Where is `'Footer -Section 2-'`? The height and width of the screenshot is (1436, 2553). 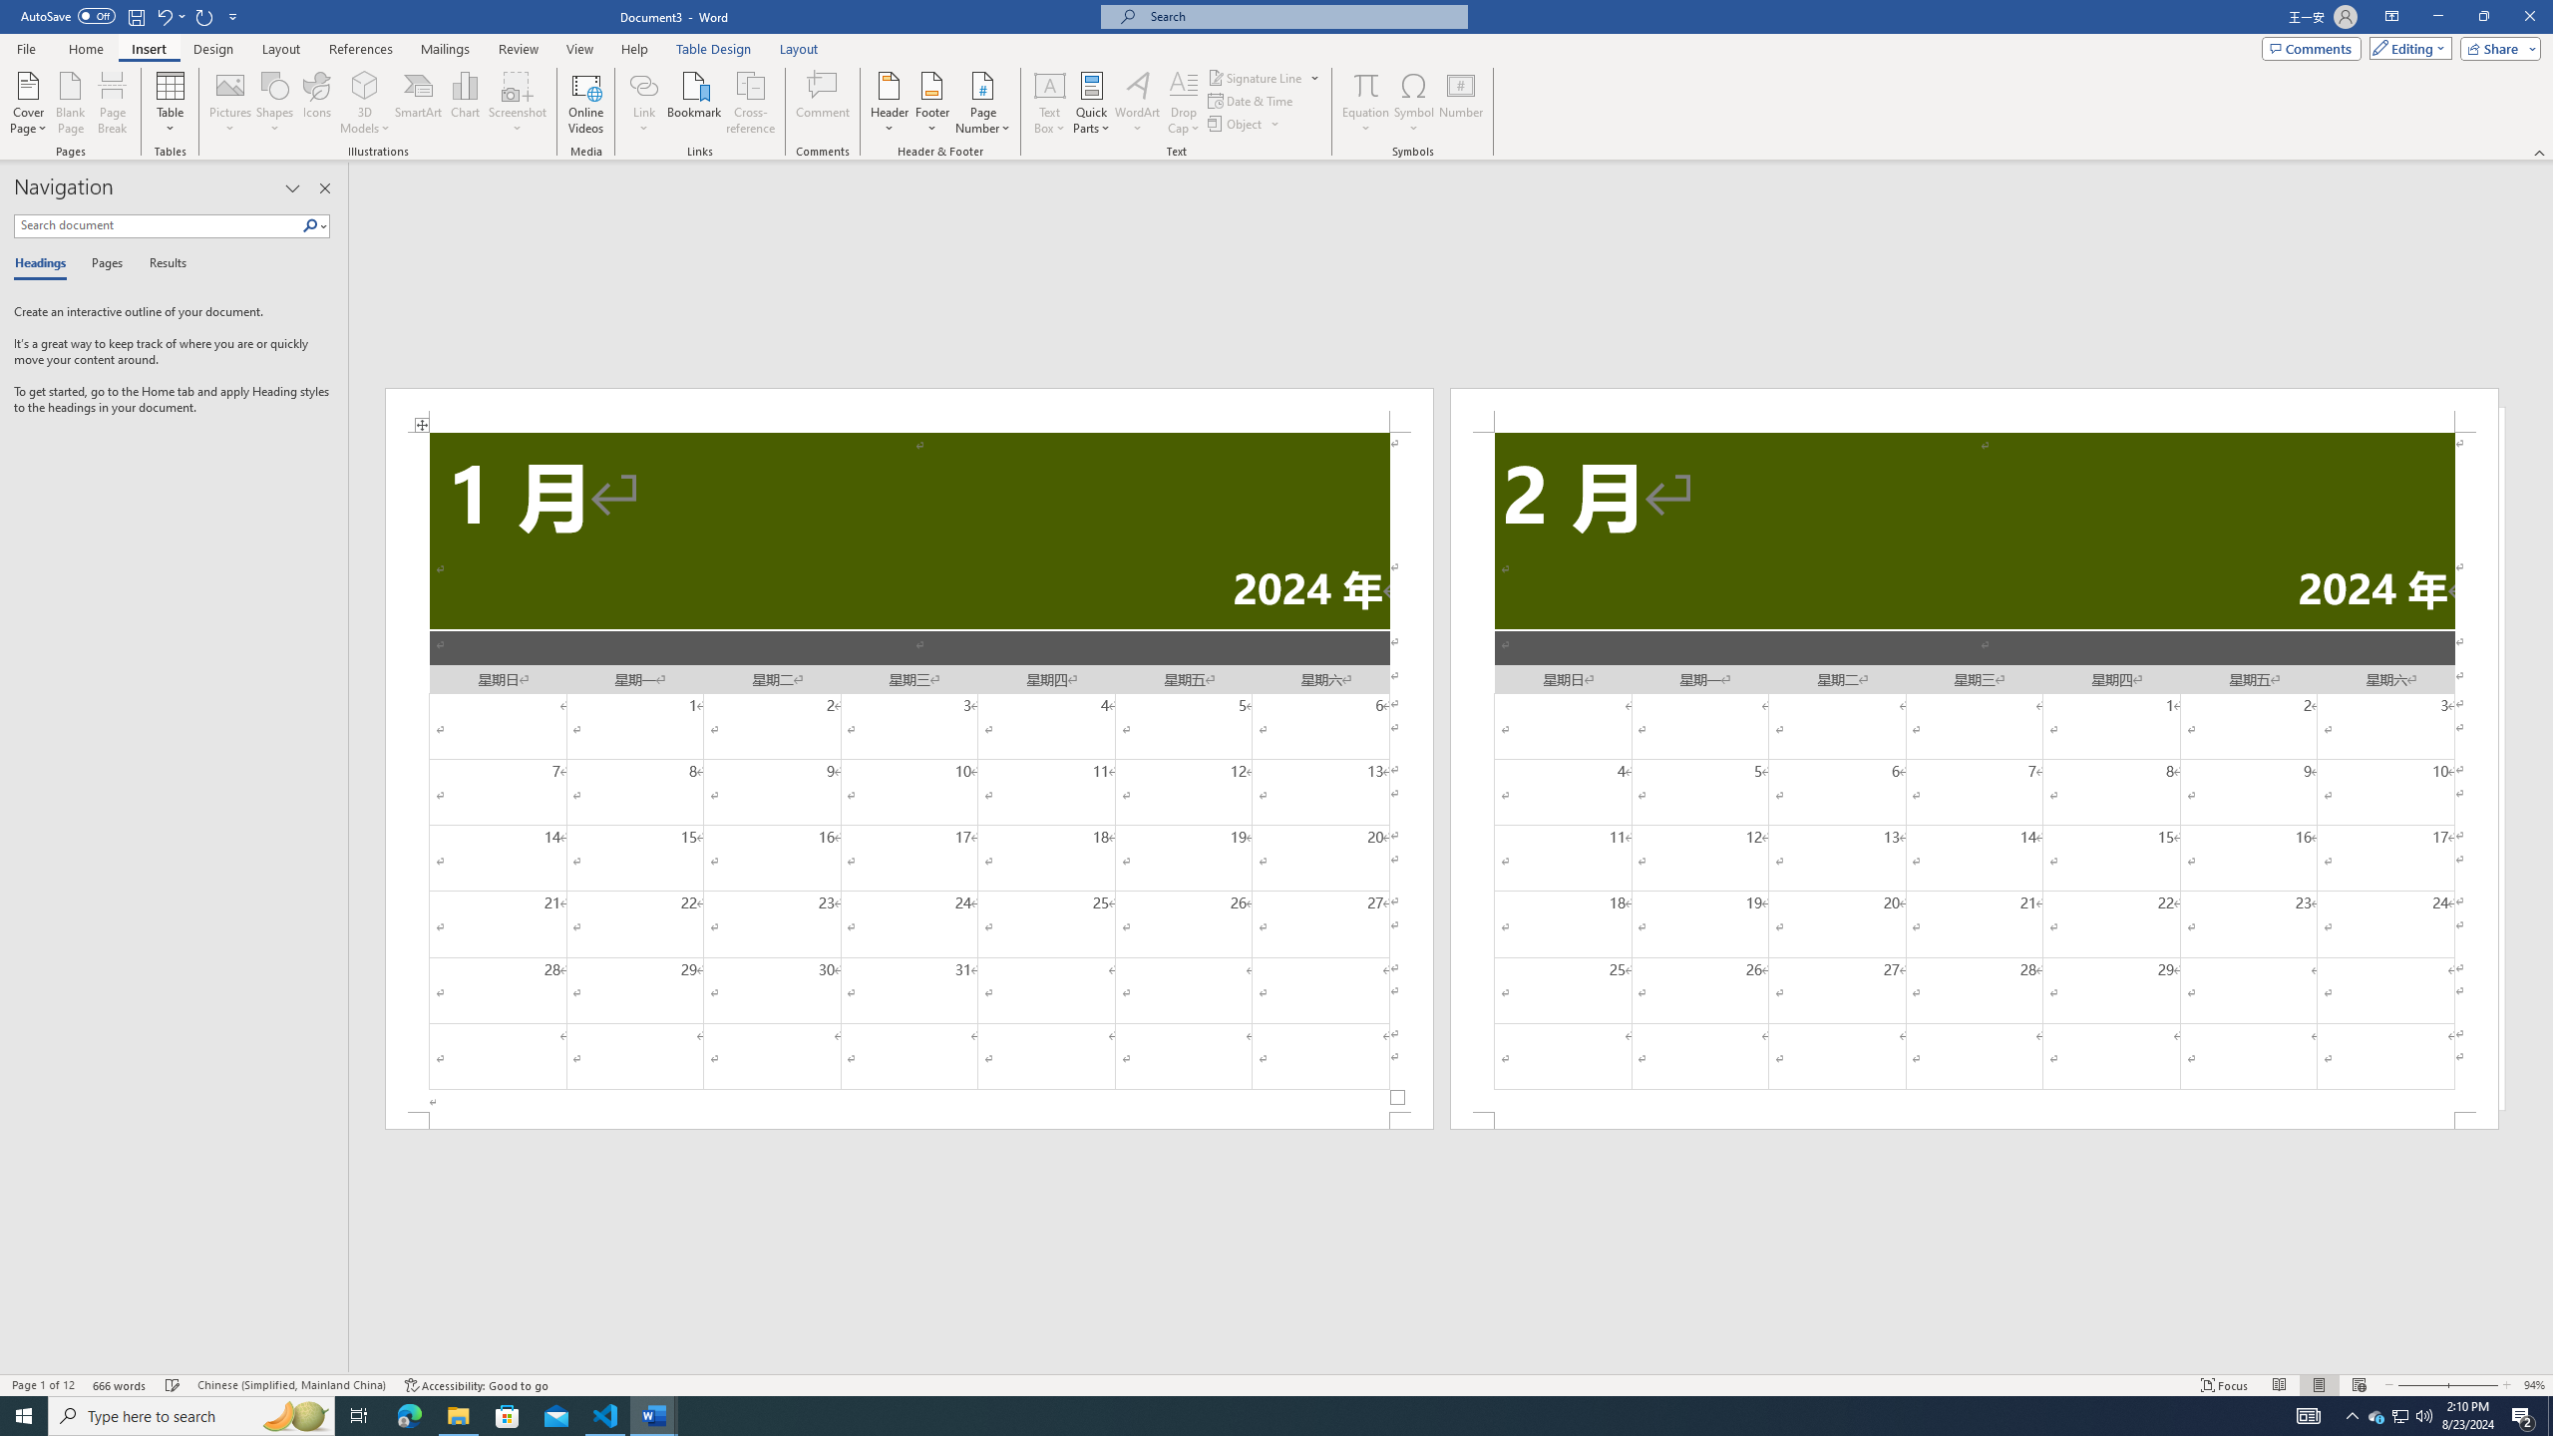
'Footer -Section 2-' is located at coordinates (1975, 1119).